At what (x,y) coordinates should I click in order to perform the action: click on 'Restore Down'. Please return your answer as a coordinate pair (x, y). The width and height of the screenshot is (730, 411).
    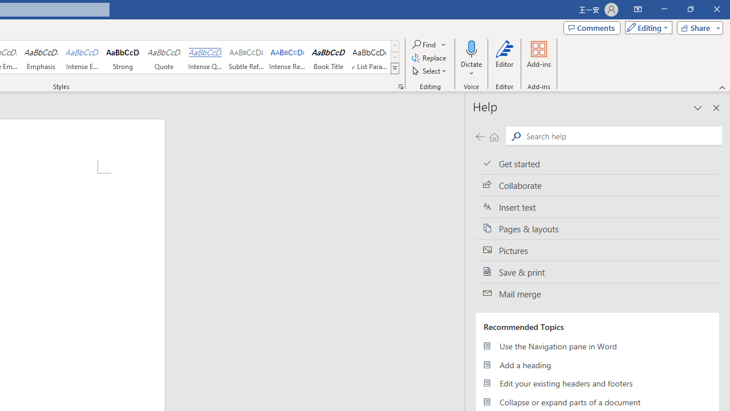
    Looking at the image, I should click on (690, 9).